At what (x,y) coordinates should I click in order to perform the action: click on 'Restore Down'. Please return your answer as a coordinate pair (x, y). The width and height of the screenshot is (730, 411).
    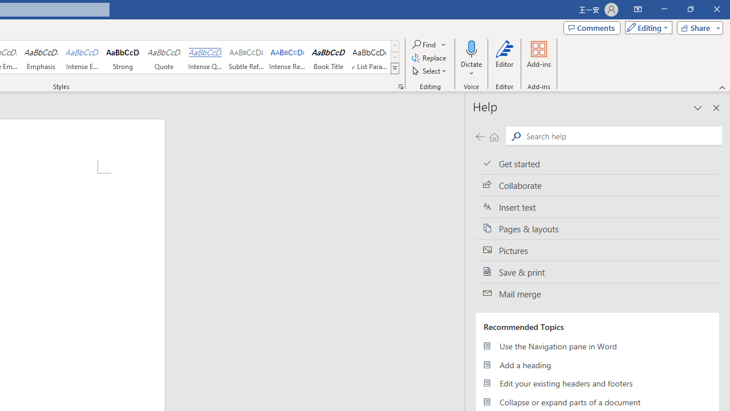
    Looking at the image, I should click on (690, 9).